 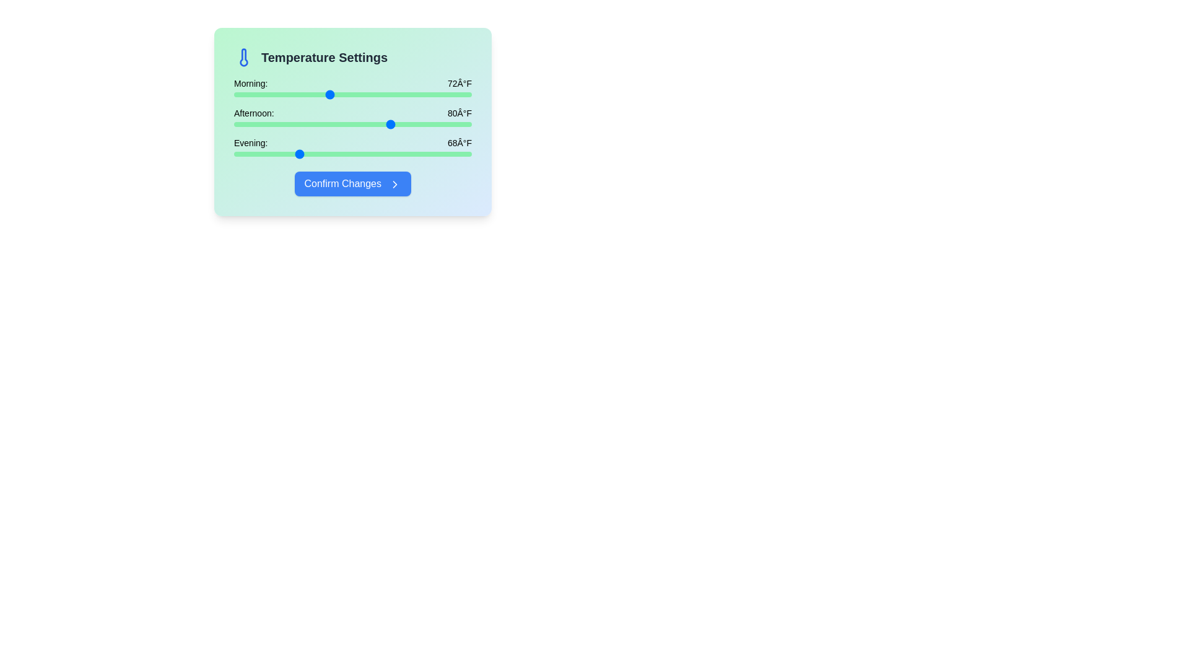 What do you see at coordinates (249, 94) in the screenshot?
I see `the morning temperature slider to 62°F` at bounding box center [249, 94].